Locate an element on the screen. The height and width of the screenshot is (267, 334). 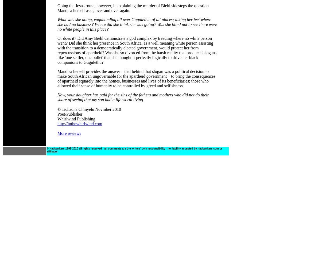
'© Hackwriters 1999-2010  all rights reserved - all comments are the writers' own responsibility - no liability accepted by hackwriters.com or affiliates.' is located at coordinates (134, 150).